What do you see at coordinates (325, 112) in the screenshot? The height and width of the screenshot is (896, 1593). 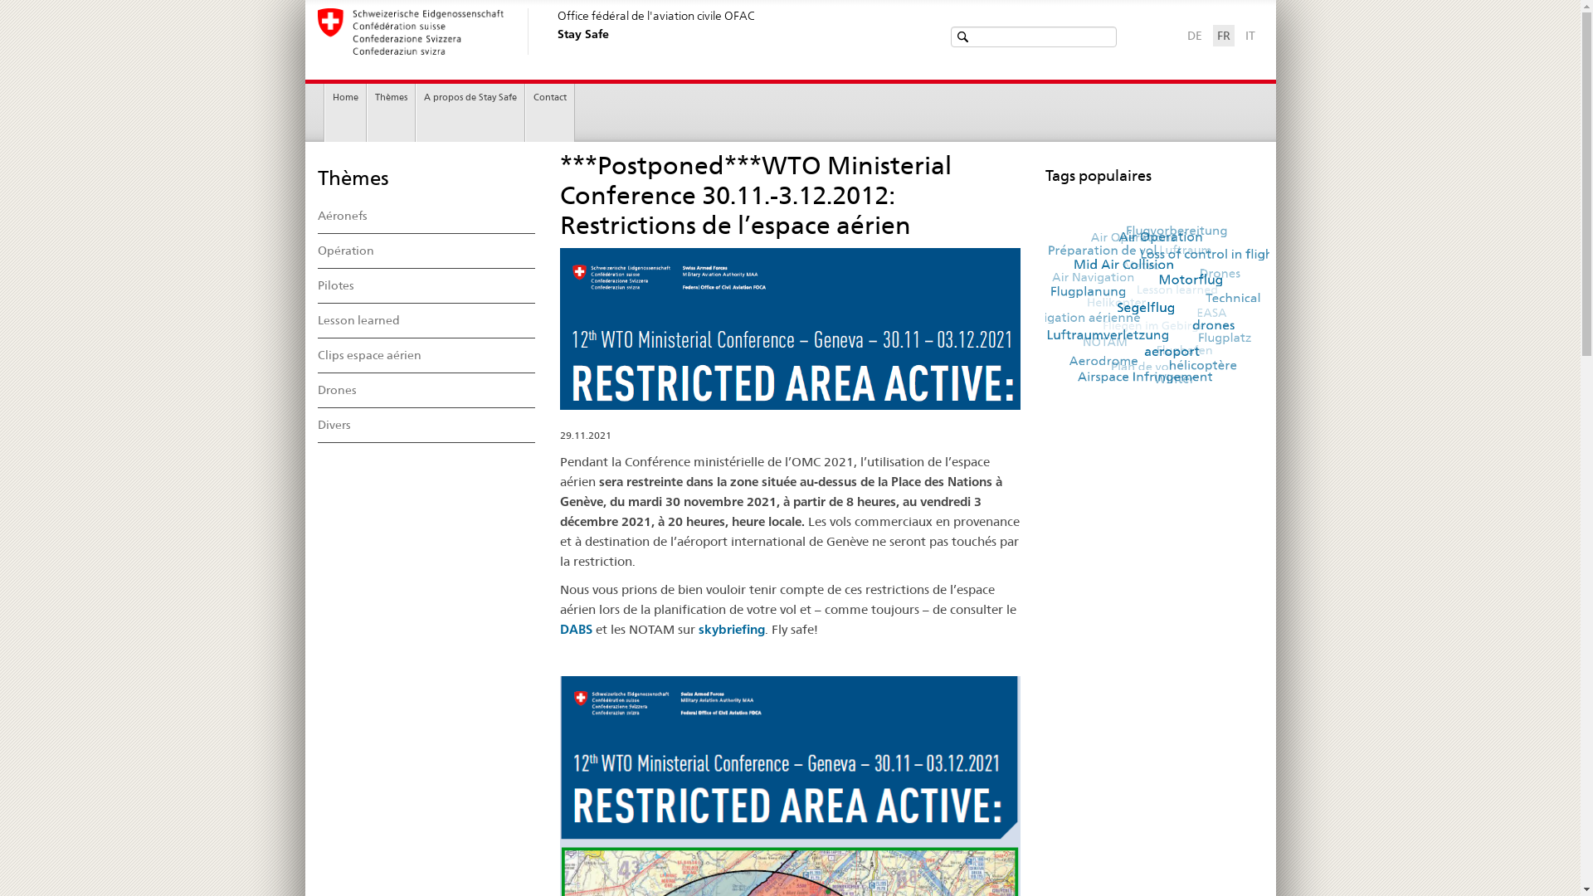 I see `'Home'` at bounding box center [325, 112].